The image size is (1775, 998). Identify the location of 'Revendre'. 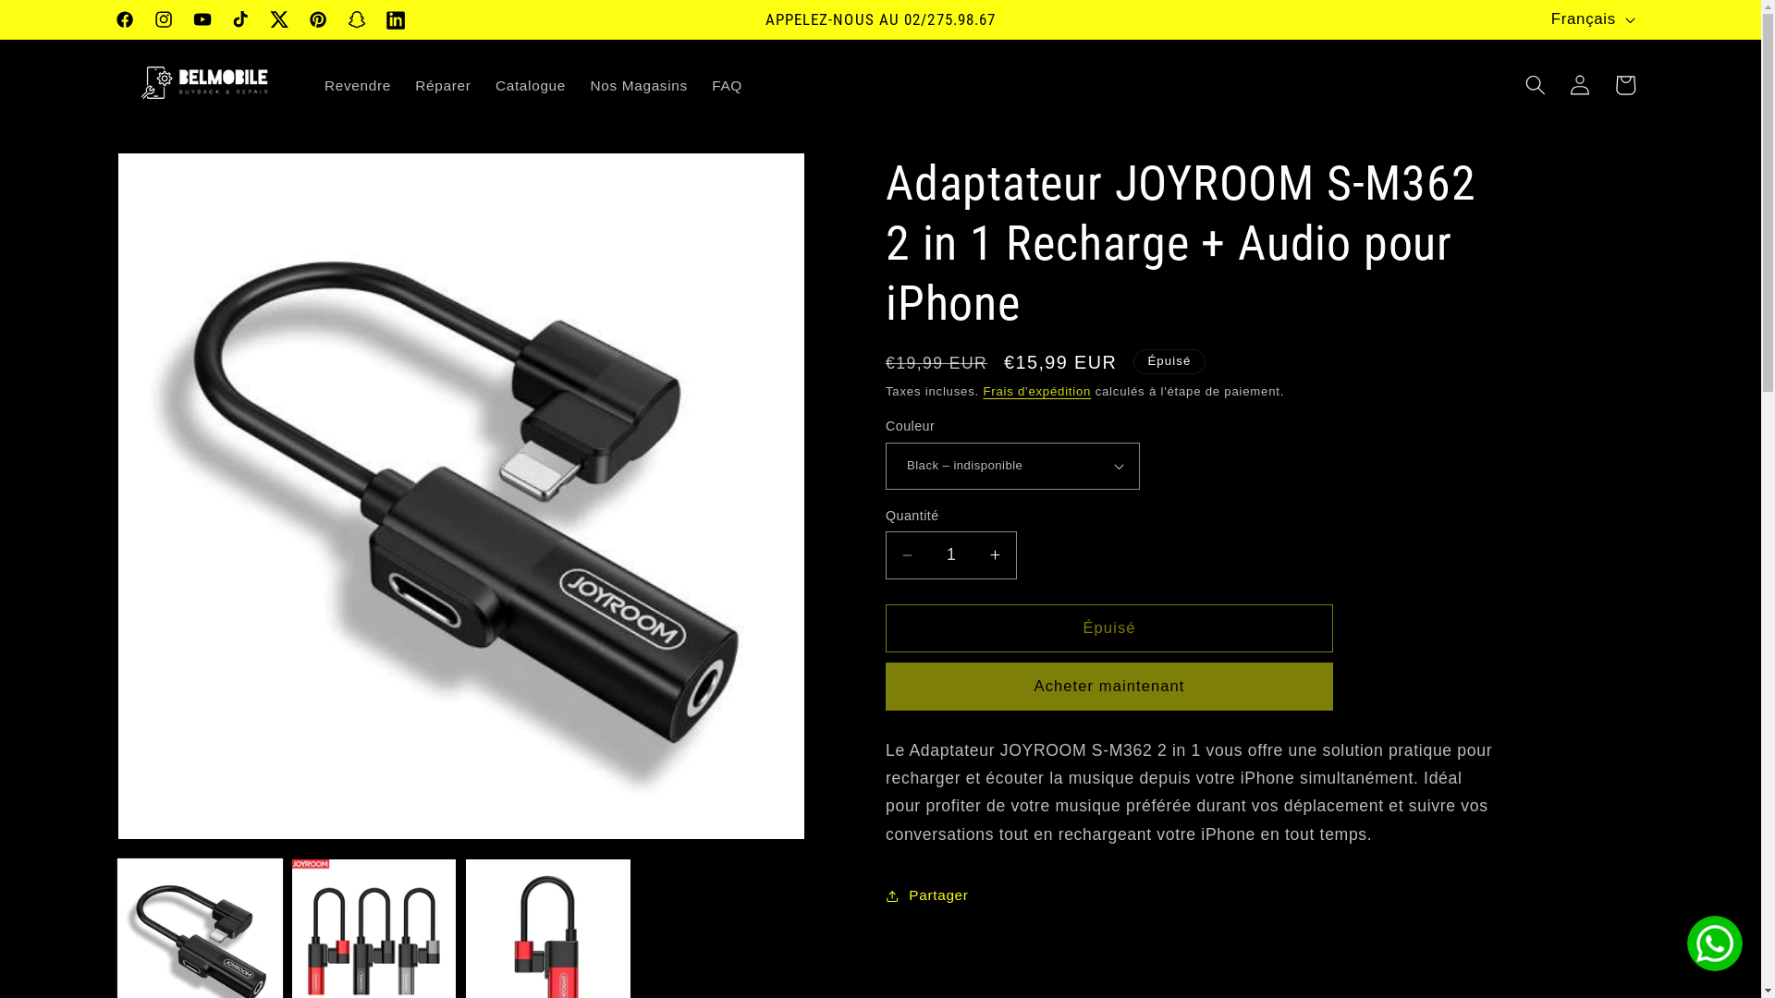
(358, 85).